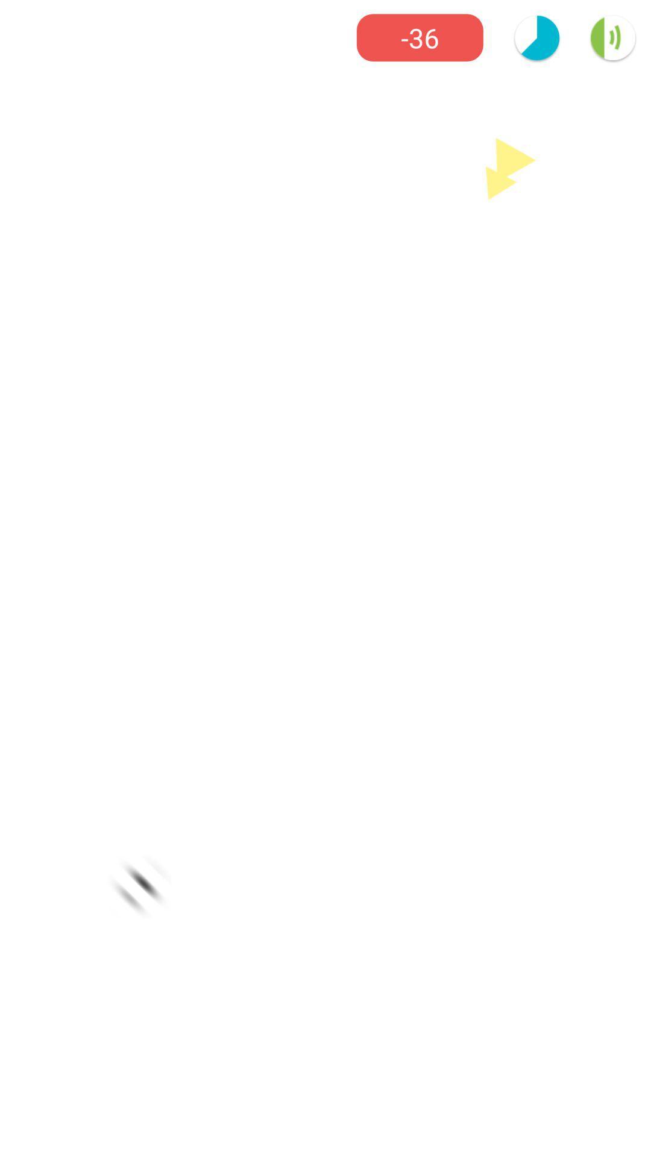  What do you see at coordinates (139, 887) in the screenshot?
I see `the navigation icon` at bounding box center [139, 887].